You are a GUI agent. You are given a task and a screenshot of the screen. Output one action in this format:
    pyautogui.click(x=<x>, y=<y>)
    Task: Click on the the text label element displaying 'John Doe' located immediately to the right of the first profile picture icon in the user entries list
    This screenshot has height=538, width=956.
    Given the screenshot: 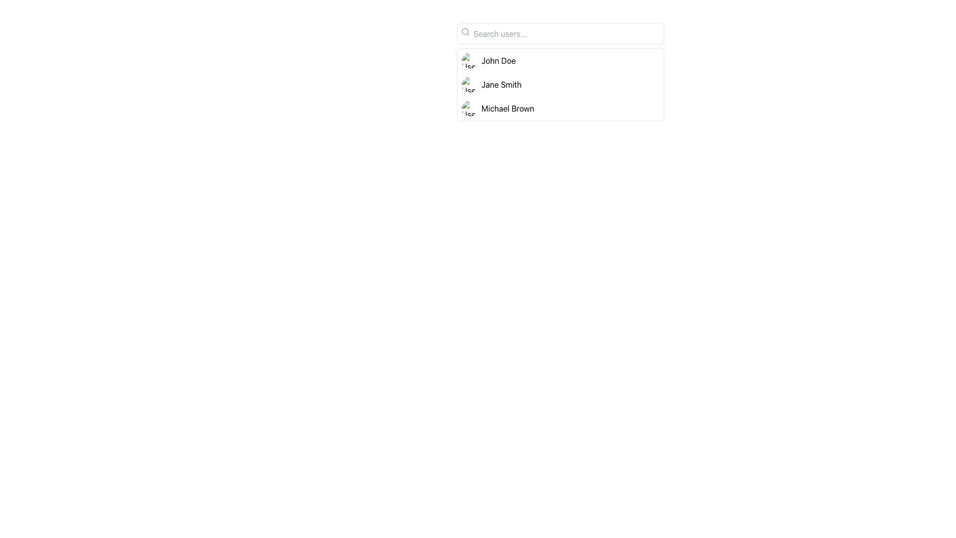 What is the action you would take?
    pyautogui.click(x=498, y=61)
    